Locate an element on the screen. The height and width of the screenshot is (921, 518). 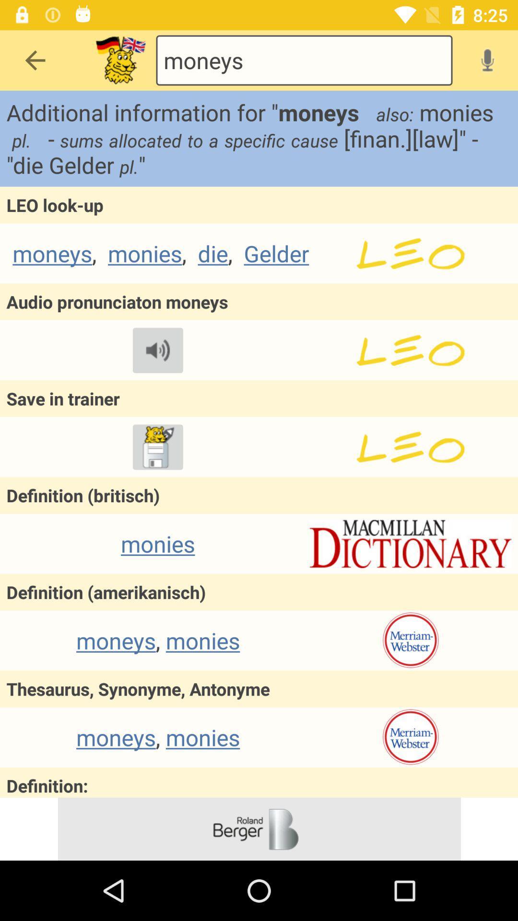
settings is located at coordinates (410, 640).